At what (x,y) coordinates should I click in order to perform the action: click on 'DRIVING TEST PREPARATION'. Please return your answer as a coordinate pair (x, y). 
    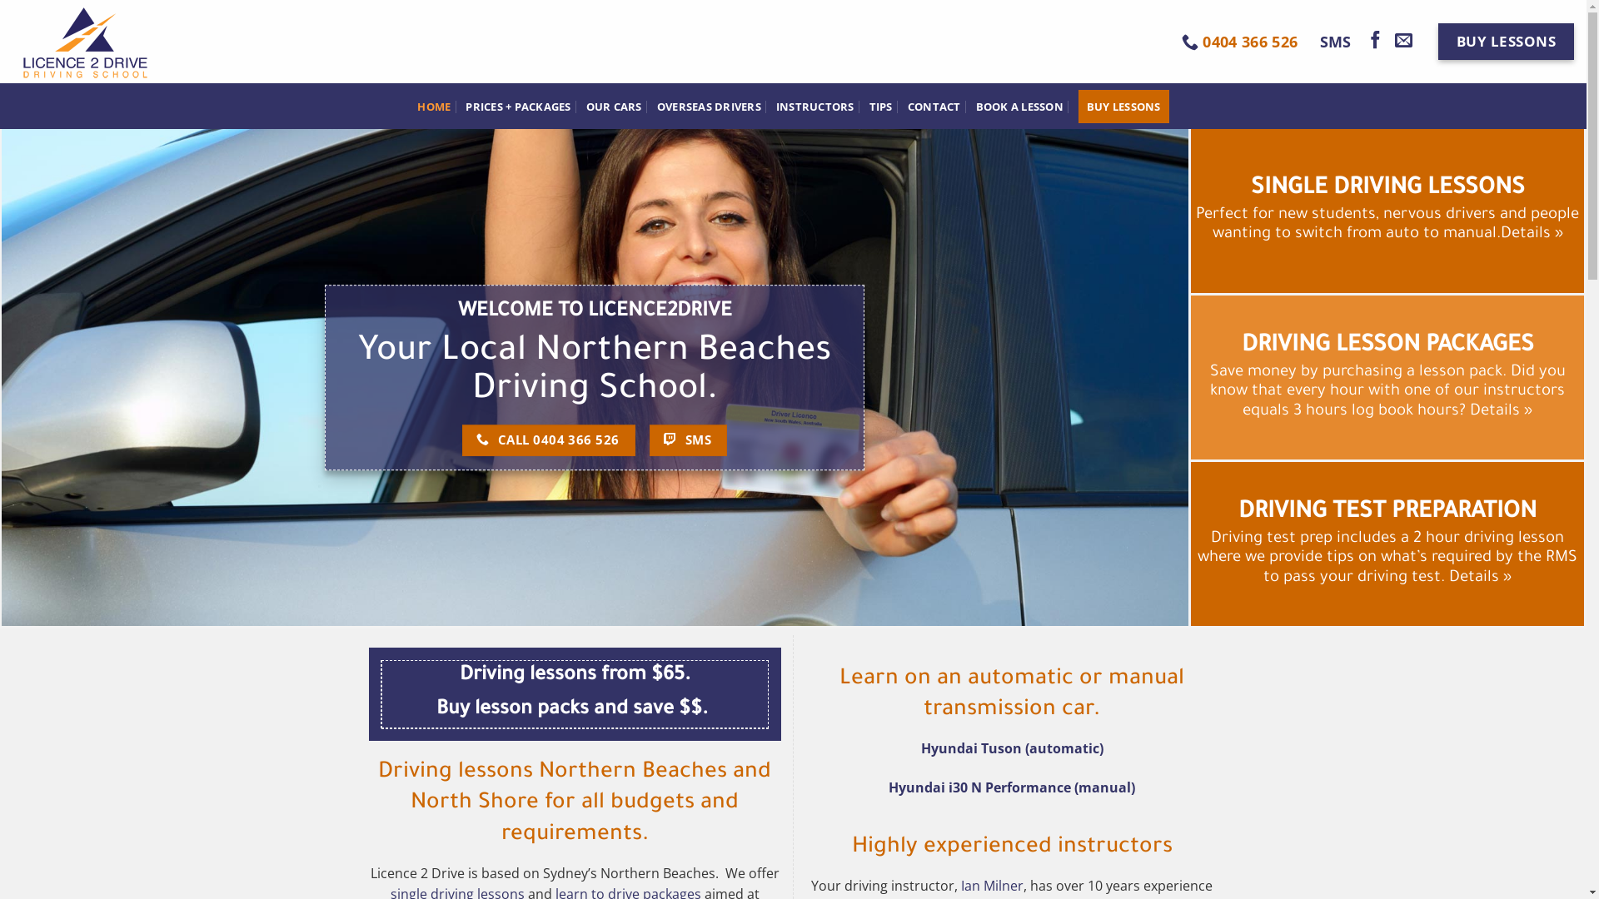
    Looking at the image, I should click on (1387, 513).